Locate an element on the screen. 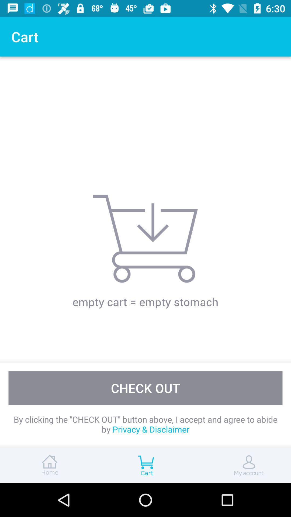 The width and height of the screenshot is (291, 517). account option is located at coordinates (242, 465).